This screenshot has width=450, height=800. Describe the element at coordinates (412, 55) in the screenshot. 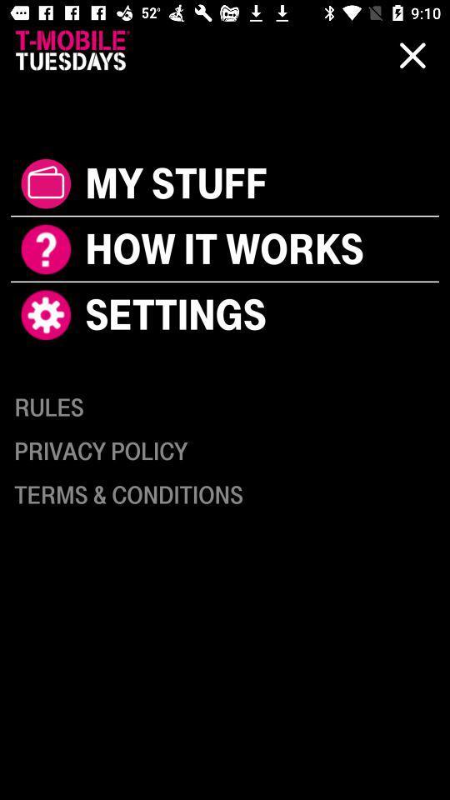

I see `close` at that location.